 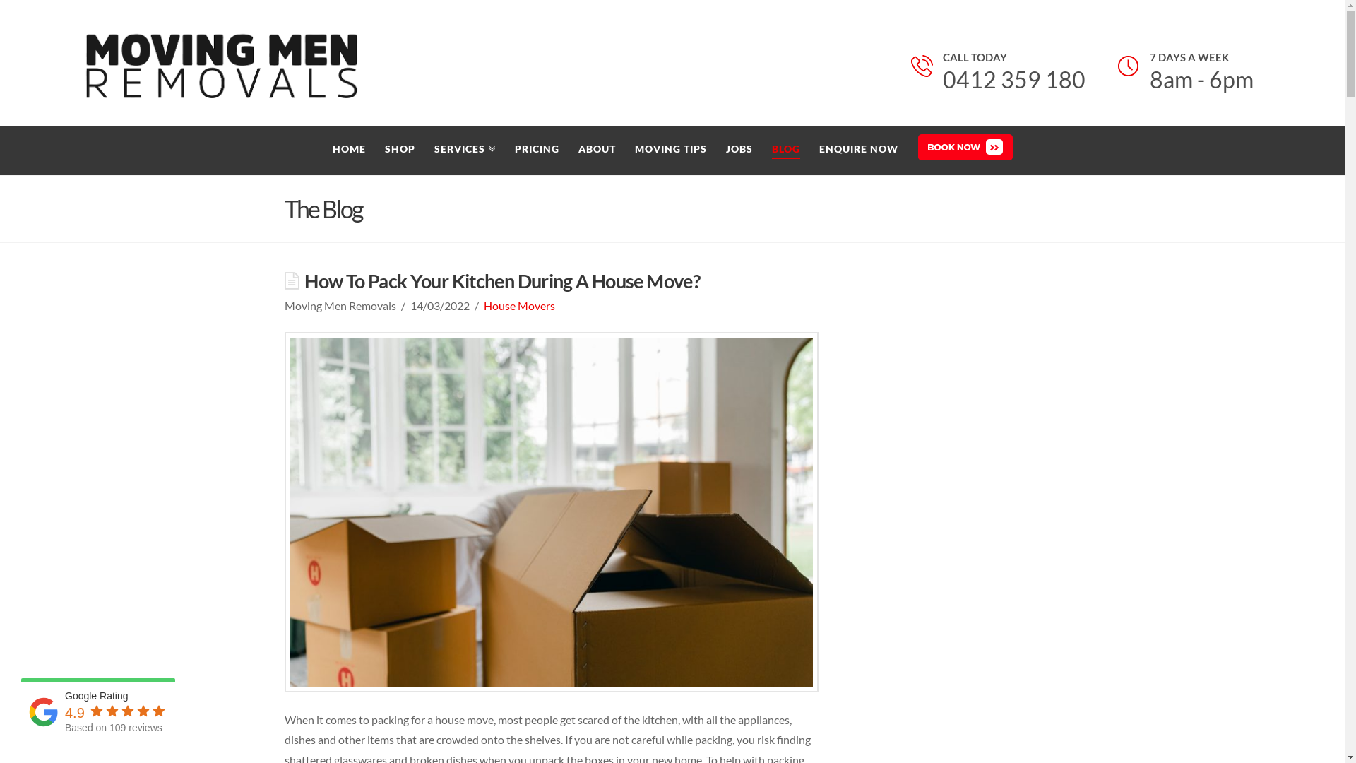 I want to click on 'MOVING TIPS', so click(x=670, y=150).